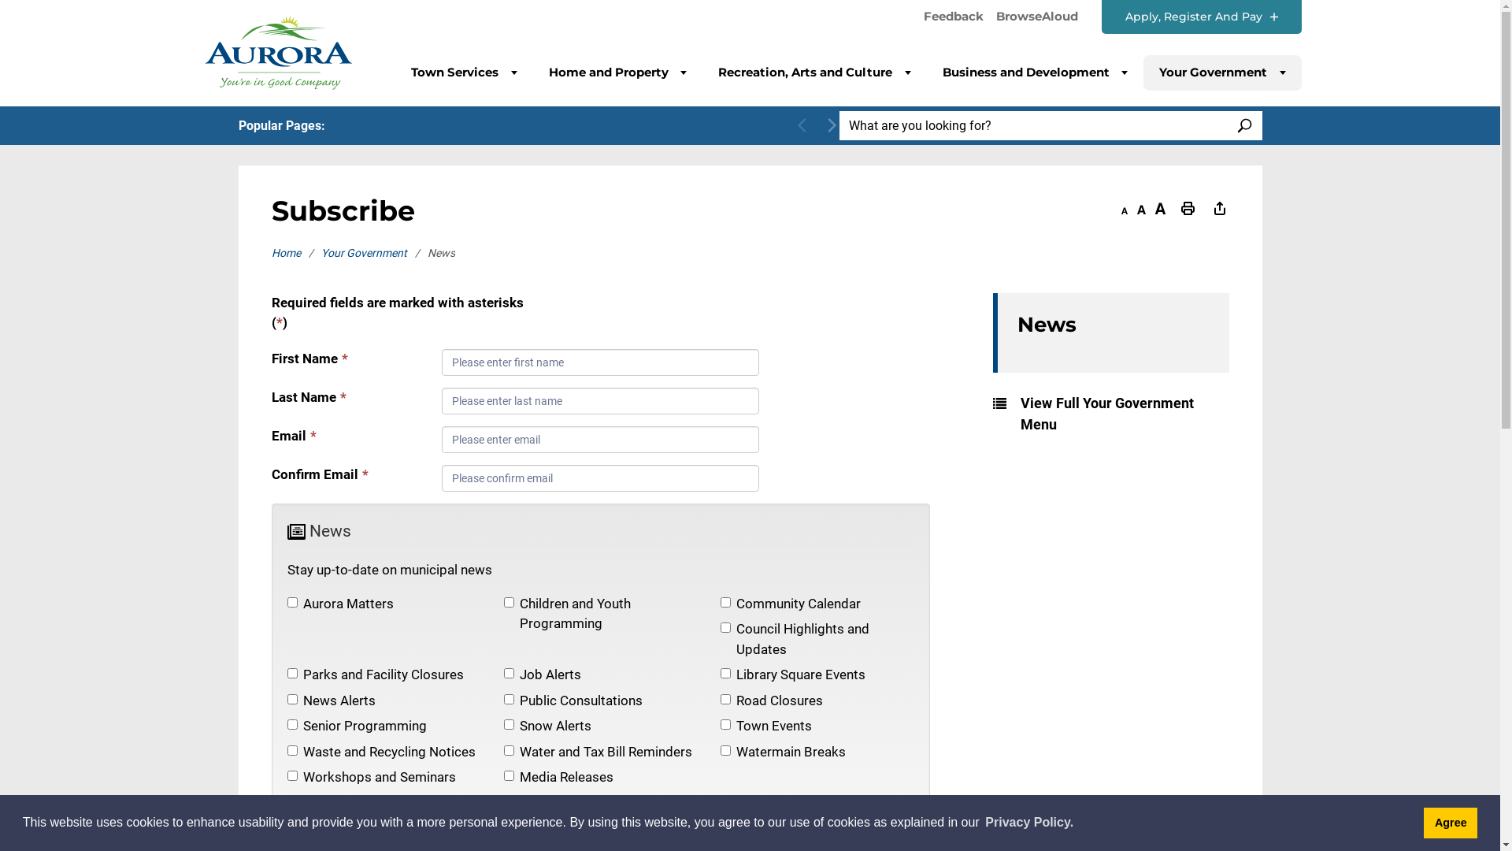 The width and height of the screenshot is (1512, 851). Describe the element at coordinates (1226, 124) in the screenshot. I see `'SEARCH'` at that location.